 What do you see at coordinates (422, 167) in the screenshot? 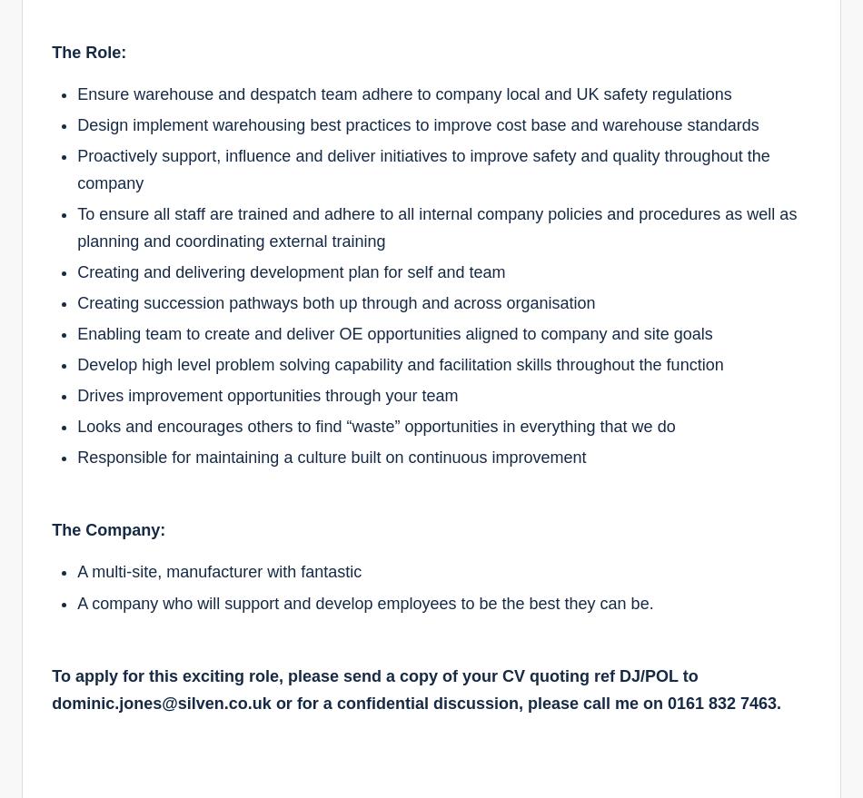
I see `'Proactively support, influence and deliver initiatives to improve safety and quality throughout the company'` at bounding box center [422, 167].